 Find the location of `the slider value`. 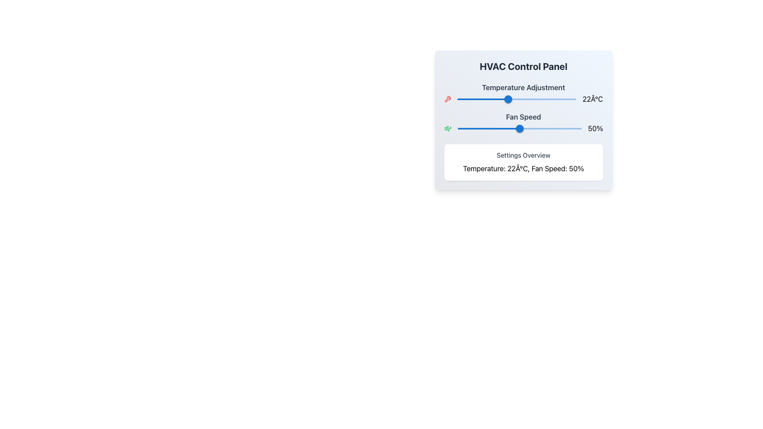

the slider value is located at coordinates (578, 128).